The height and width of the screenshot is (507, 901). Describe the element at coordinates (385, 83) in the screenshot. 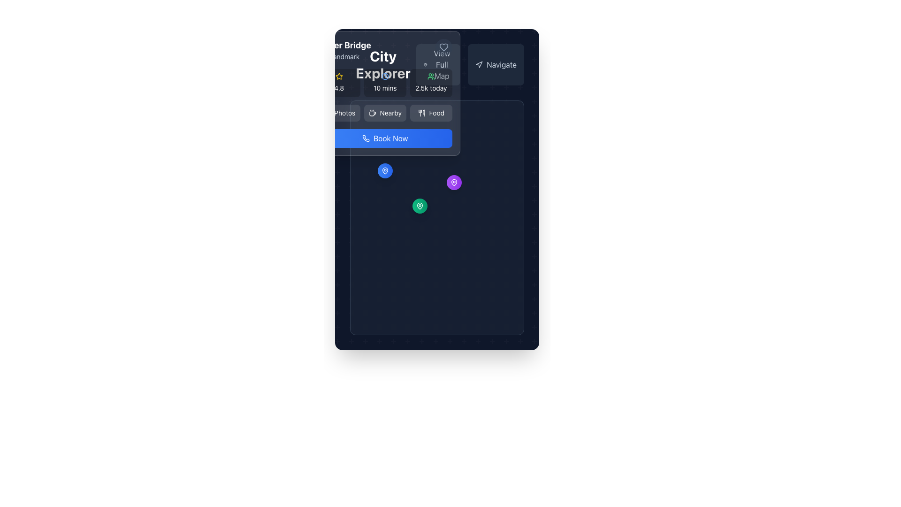

I see `the Information display widget, which features a blue clock icon and displays '10 mins' with a dark semi-transparent background and rounded corners` at that location.